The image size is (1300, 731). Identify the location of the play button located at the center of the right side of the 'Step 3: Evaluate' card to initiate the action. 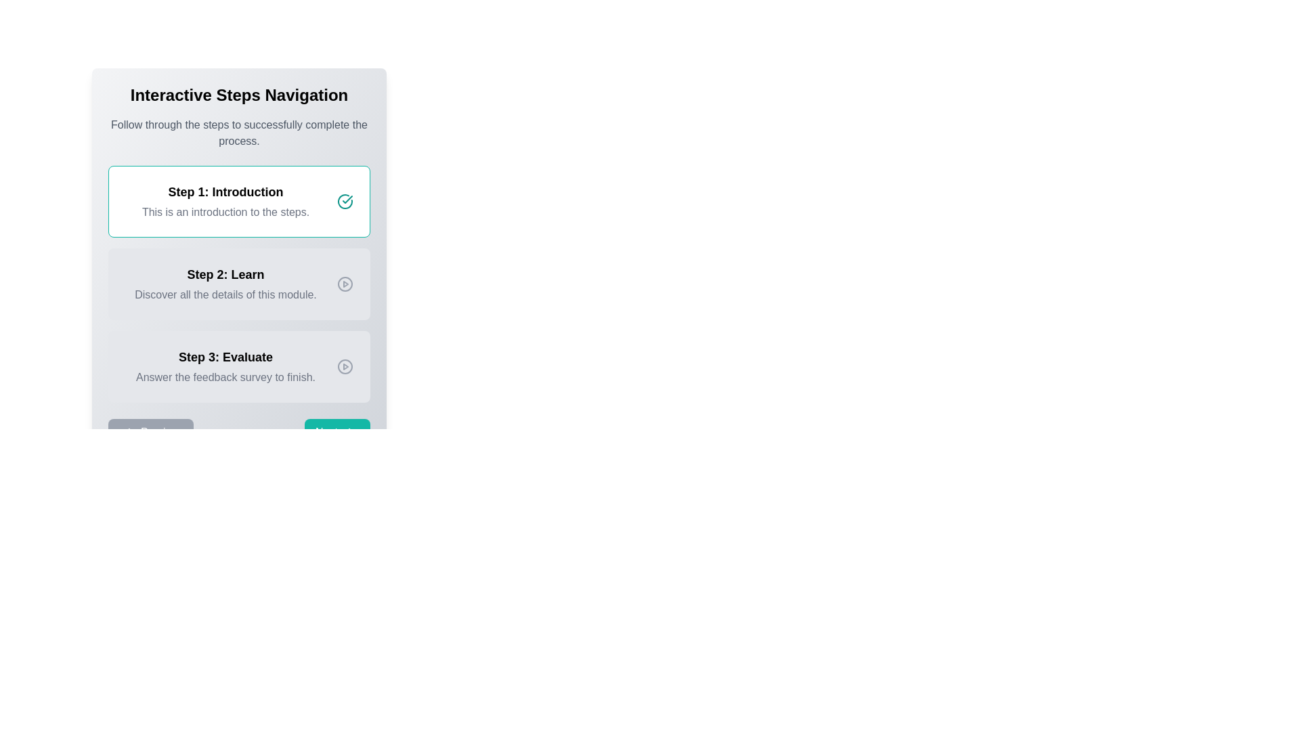
(345, 367).